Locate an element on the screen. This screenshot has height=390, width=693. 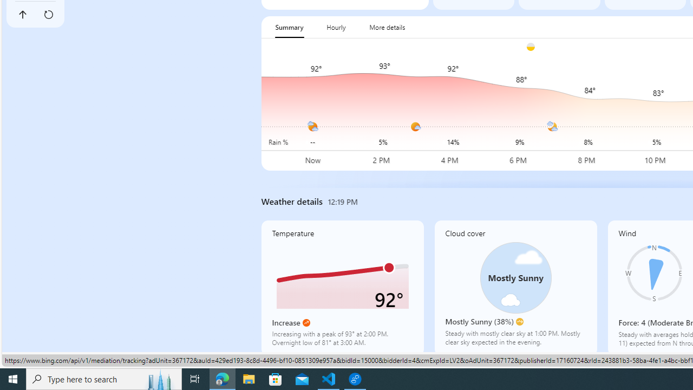
'Class: cloudCoverSvg-DS-ps0R9q' is located at coordinates (515, 277).